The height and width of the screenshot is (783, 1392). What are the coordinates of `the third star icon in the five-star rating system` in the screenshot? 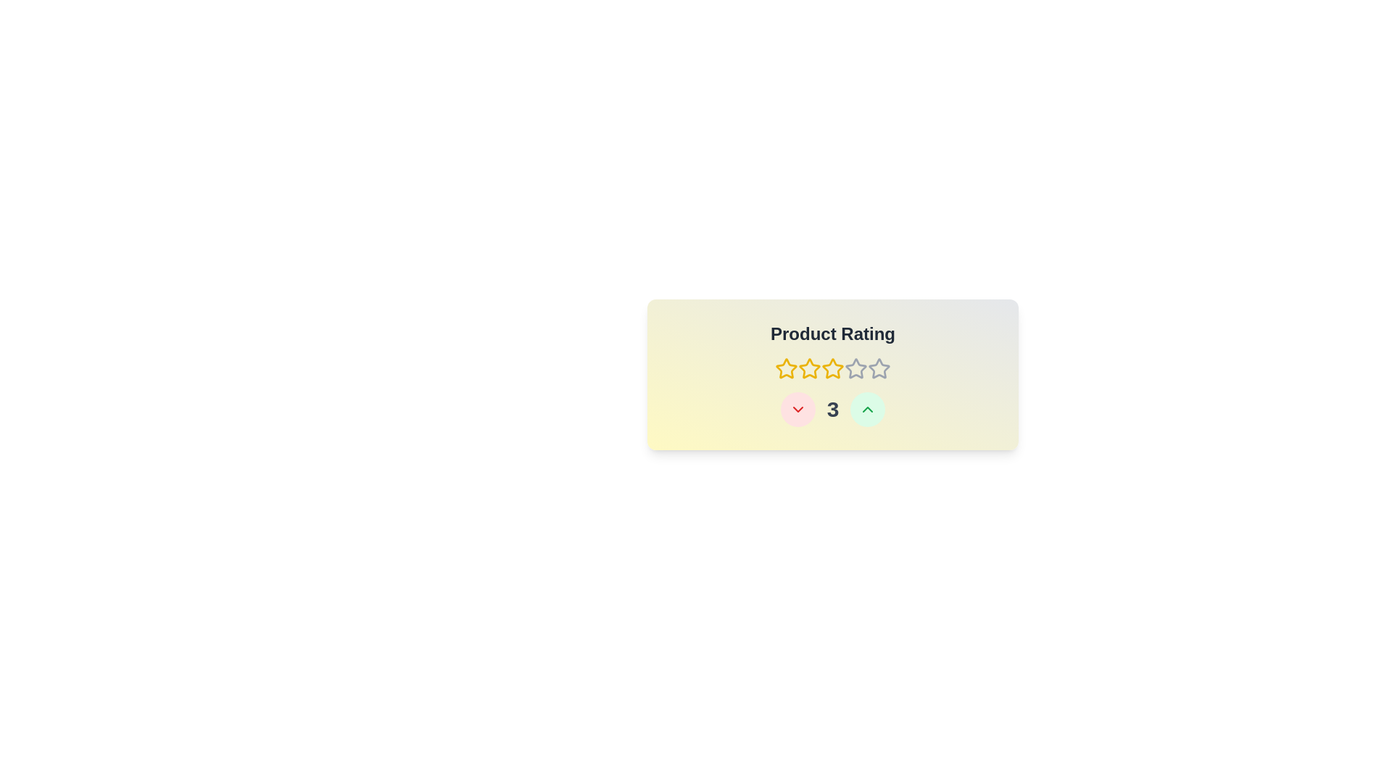 It's located at (832, 373).